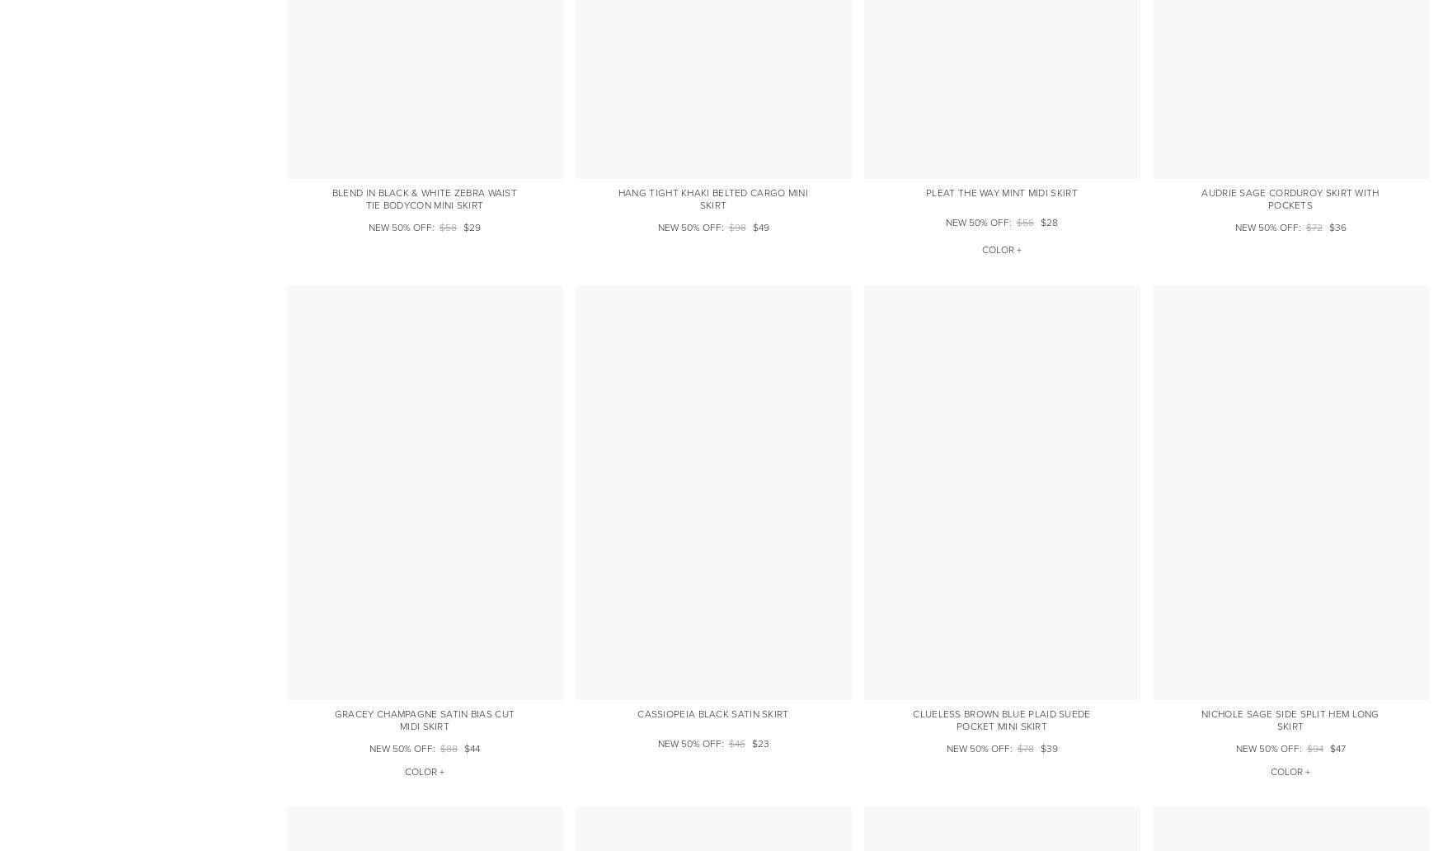 This screenshot has width=1443, height=851. What do you see at coordinates (439, 748) in the screenshot?
I see `'$88'` at bounding box center [439, 748].